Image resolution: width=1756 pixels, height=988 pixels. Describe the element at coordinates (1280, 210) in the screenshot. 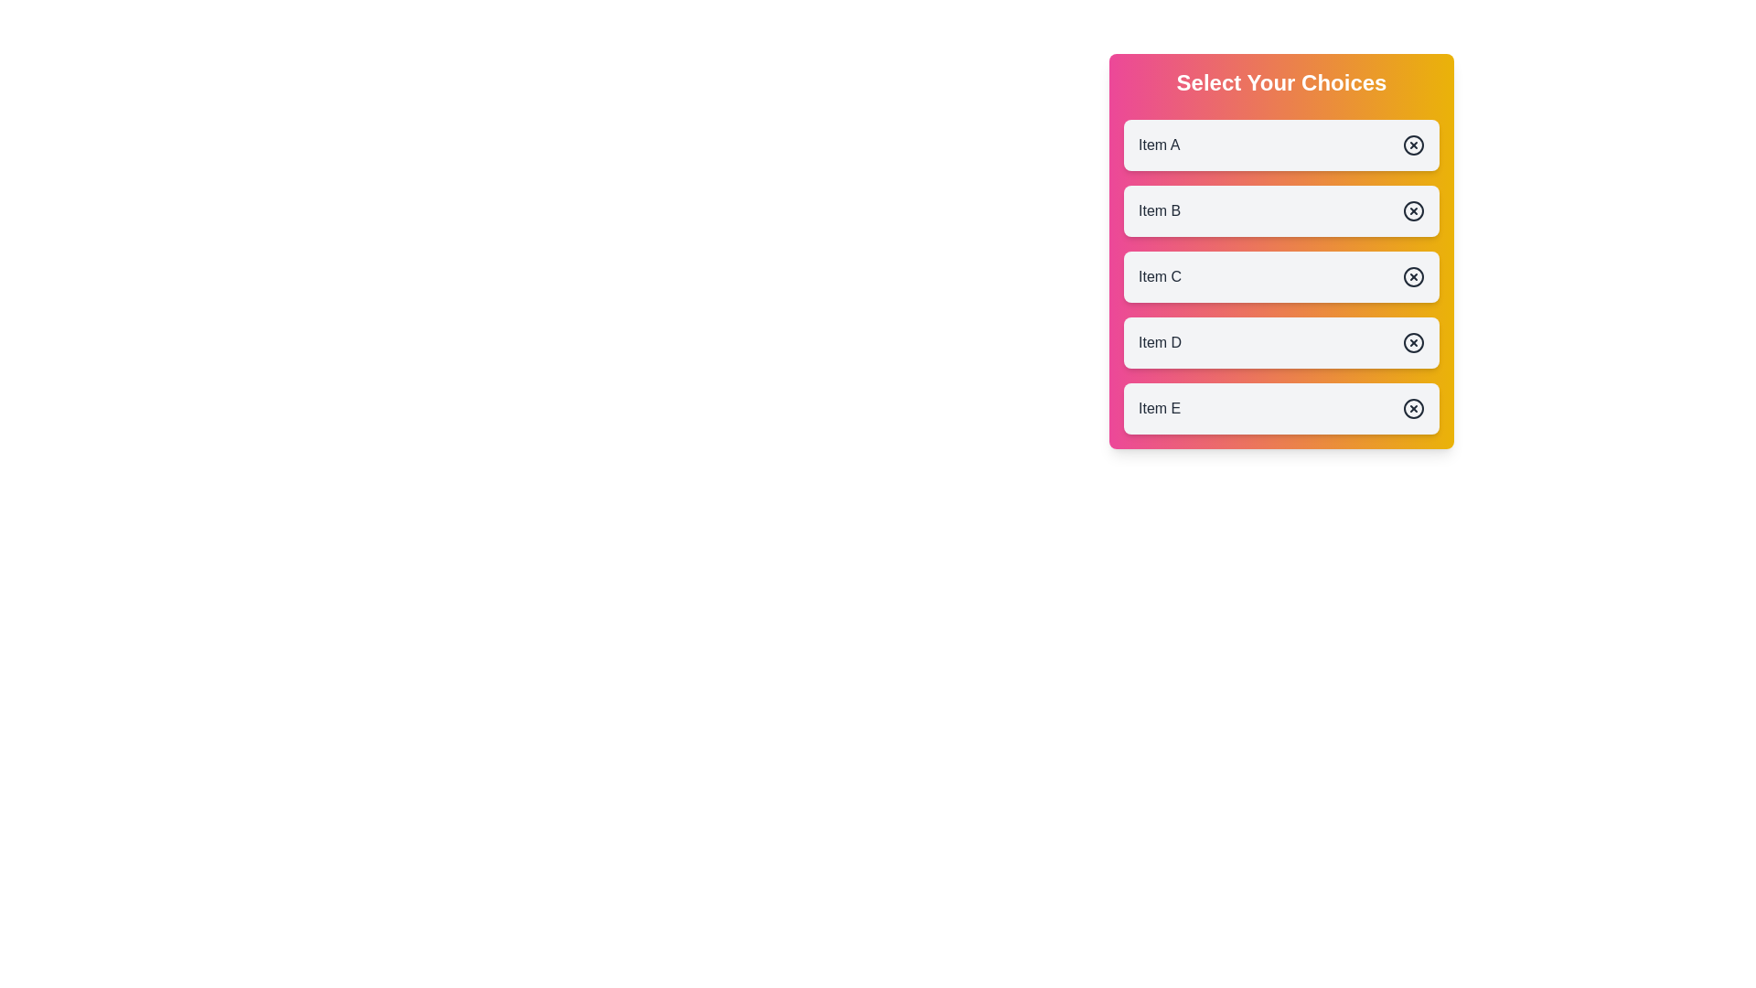

I see `the button labeled Item B to observe the animation` at that location.